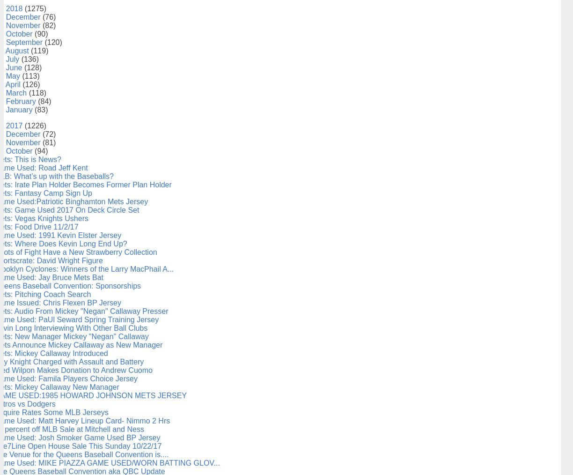 The width and height of the screenshot is (573, 475). I want to click on '(113)', so click(22, 75).